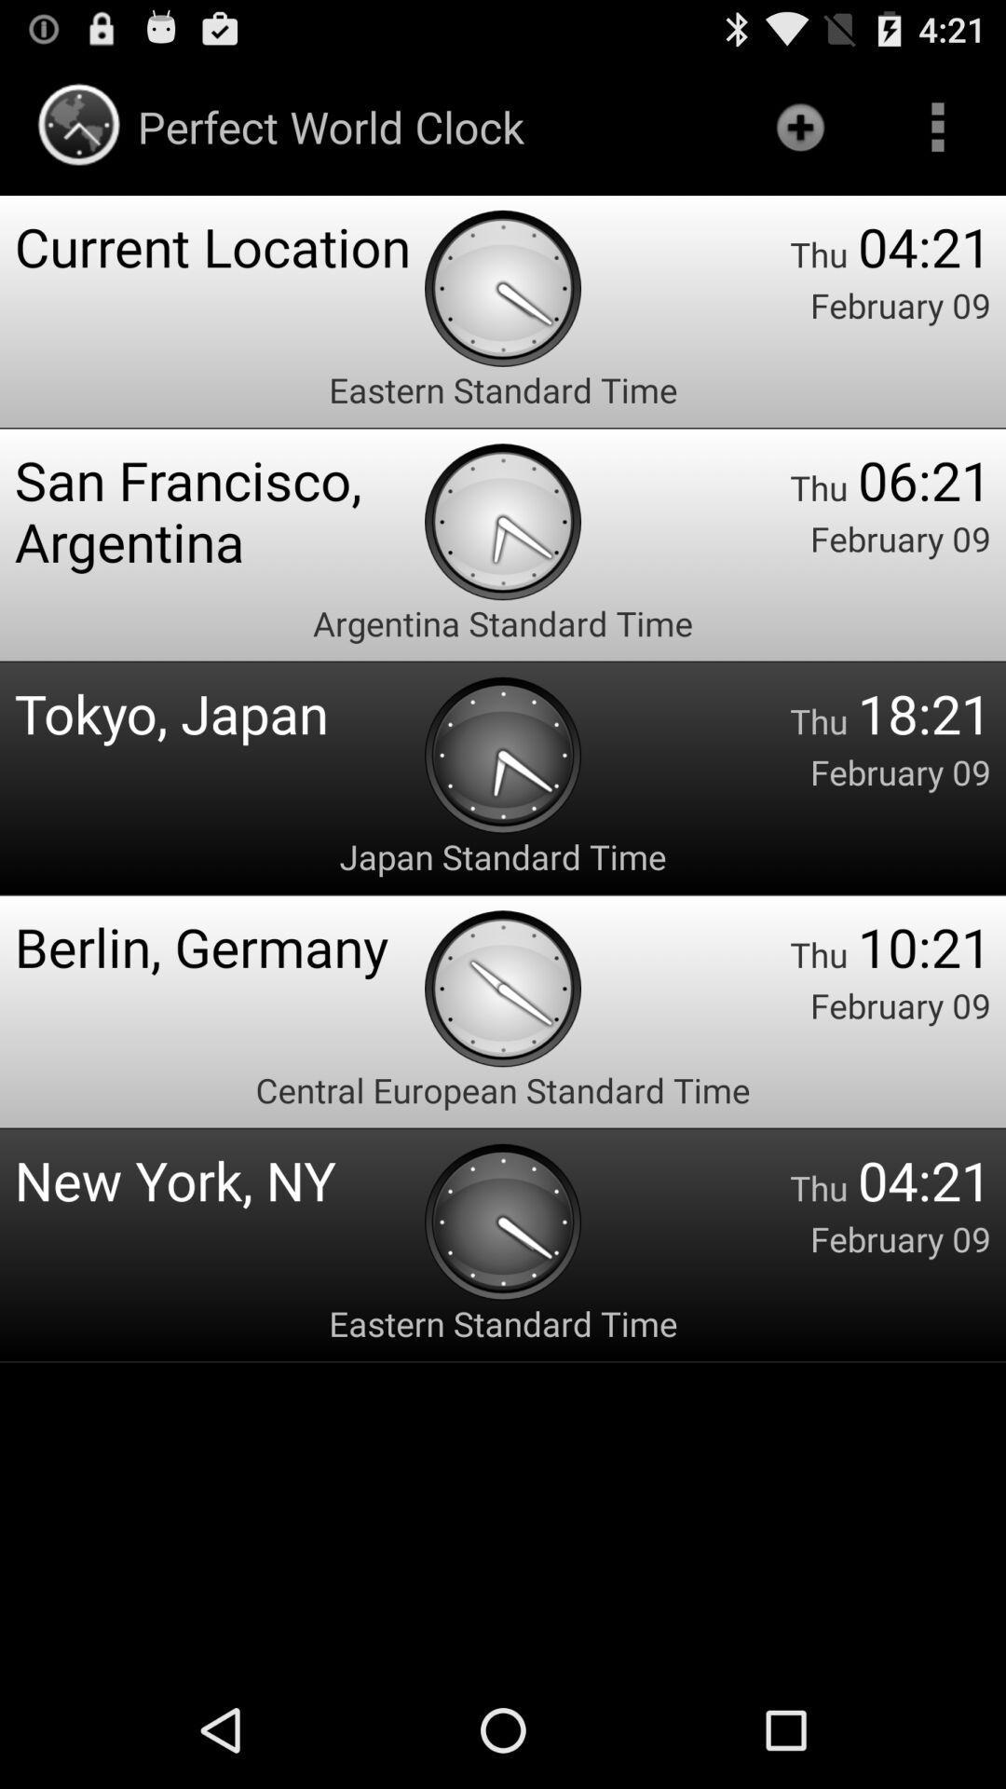 This screenshot has width=1006, height=1789. Describe the element at coordinates (218, 946) in the screenshot. I see `the berlin, germany icon` at that location.